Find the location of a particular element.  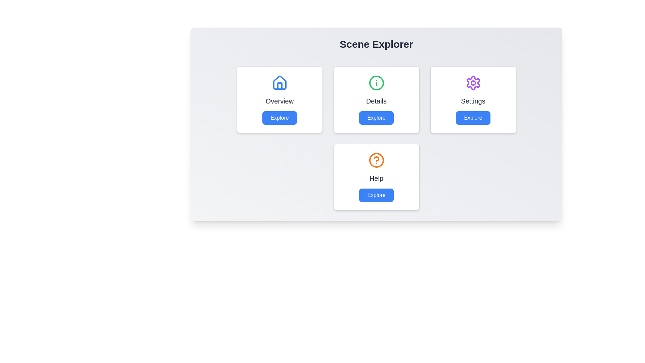

the 'Settings' text label, which is displayed in medium gray font beneath a purple cogwheel icon in the top-right card layout is located at coordinates (473, 101).